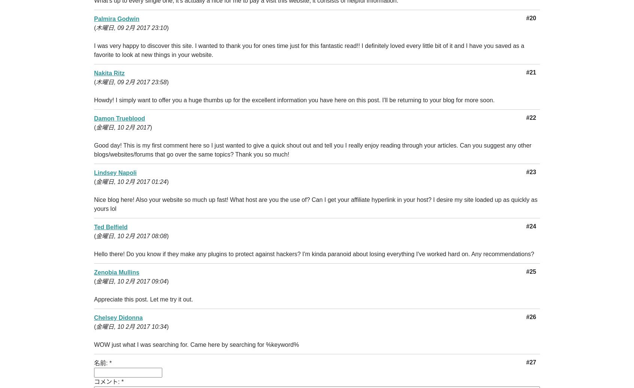 Image resolution: width=634 pixels, height=388 pixels. Describe the element at coordinates (131, 182) in the screenshot. I see `'金曜日, 10 2月 2017 01:24'` at that location.